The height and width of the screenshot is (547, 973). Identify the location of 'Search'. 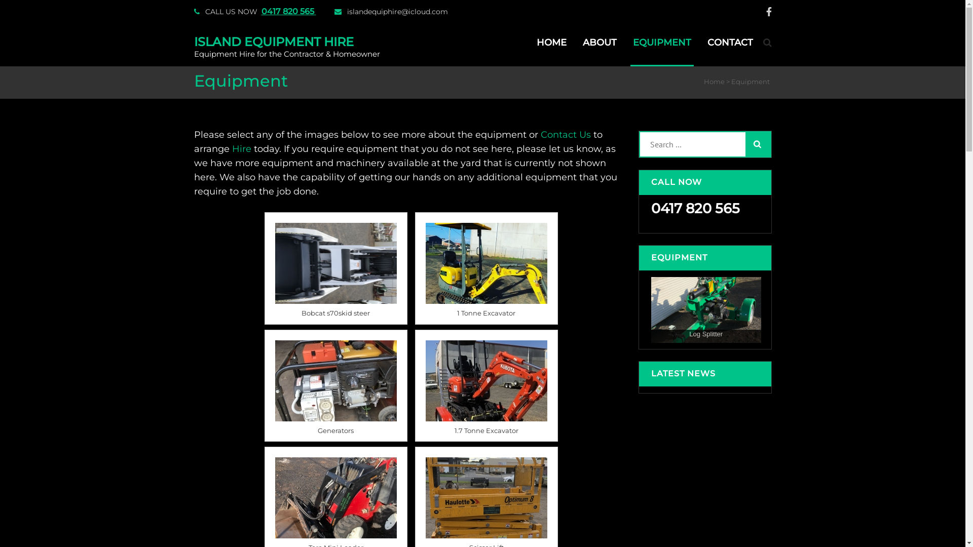
(746, 144).